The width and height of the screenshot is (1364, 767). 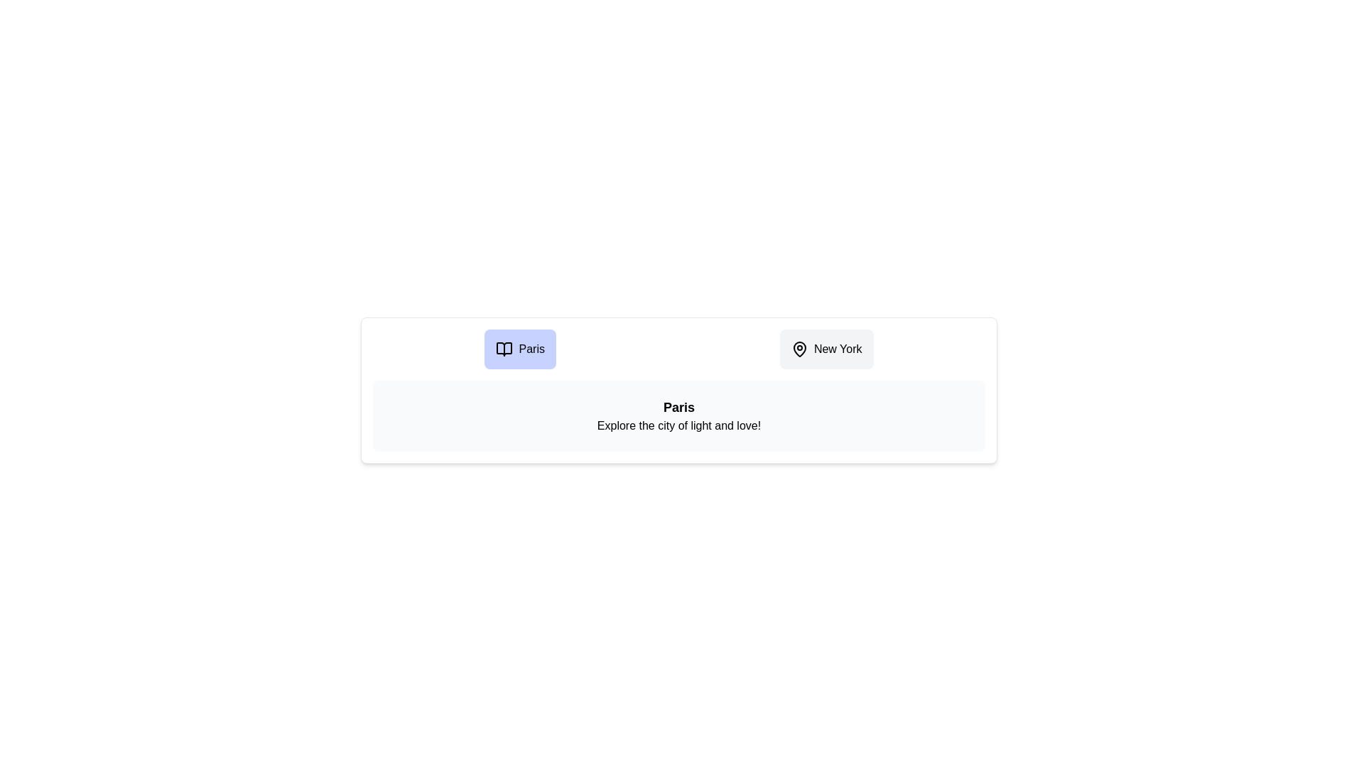 What do you see at coordinates (826, 349) in the screenshot?
I see `the New York tab` at bounding box center [826, 349].